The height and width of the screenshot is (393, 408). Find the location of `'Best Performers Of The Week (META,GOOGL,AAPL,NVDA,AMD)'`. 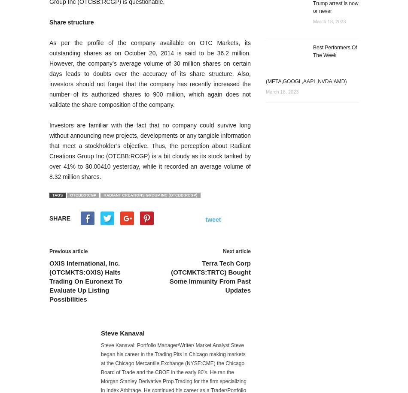

'Best Performers Of The Week (META,GOOGL,AAPL,NVDA,AMD)' is located at coordinates (311, 64).